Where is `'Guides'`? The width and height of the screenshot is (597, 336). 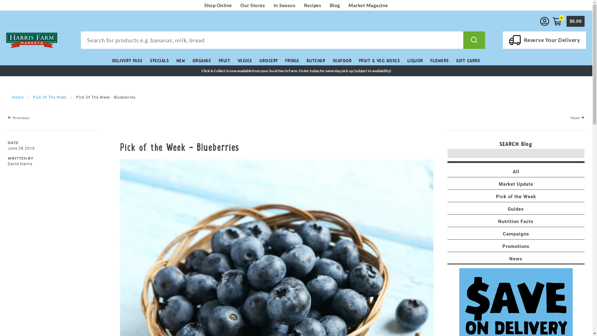
'Guides' is located at coordinates (516, 209).